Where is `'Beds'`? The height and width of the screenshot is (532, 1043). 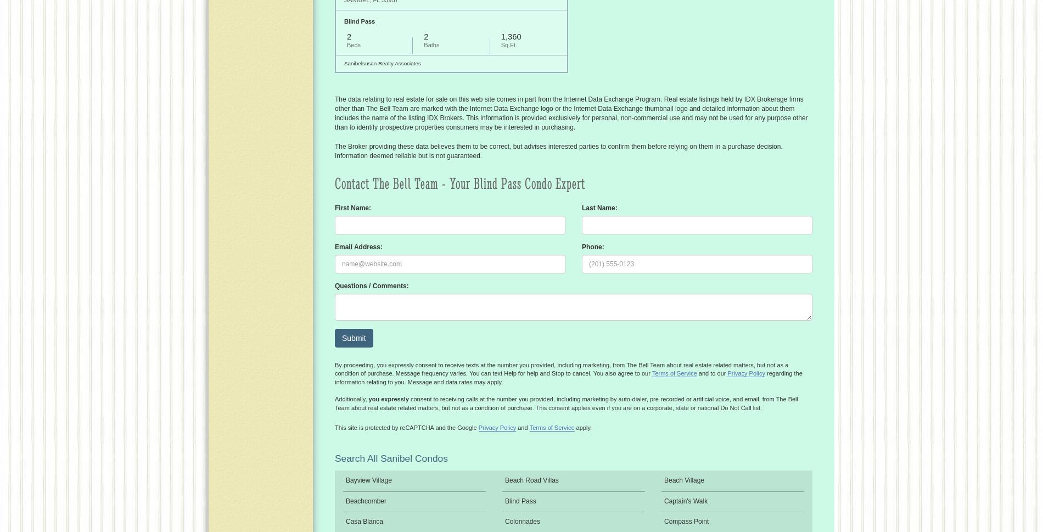
'Beds' is located at coordinates (354, 44).